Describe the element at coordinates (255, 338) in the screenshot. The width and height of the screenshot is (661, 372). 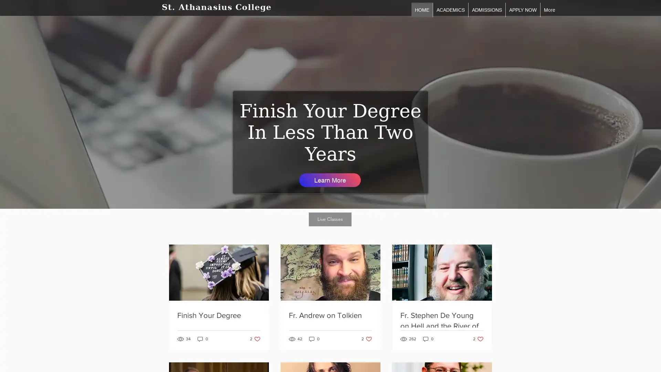
I see `2 likes. Post not marked as liked` at that location.